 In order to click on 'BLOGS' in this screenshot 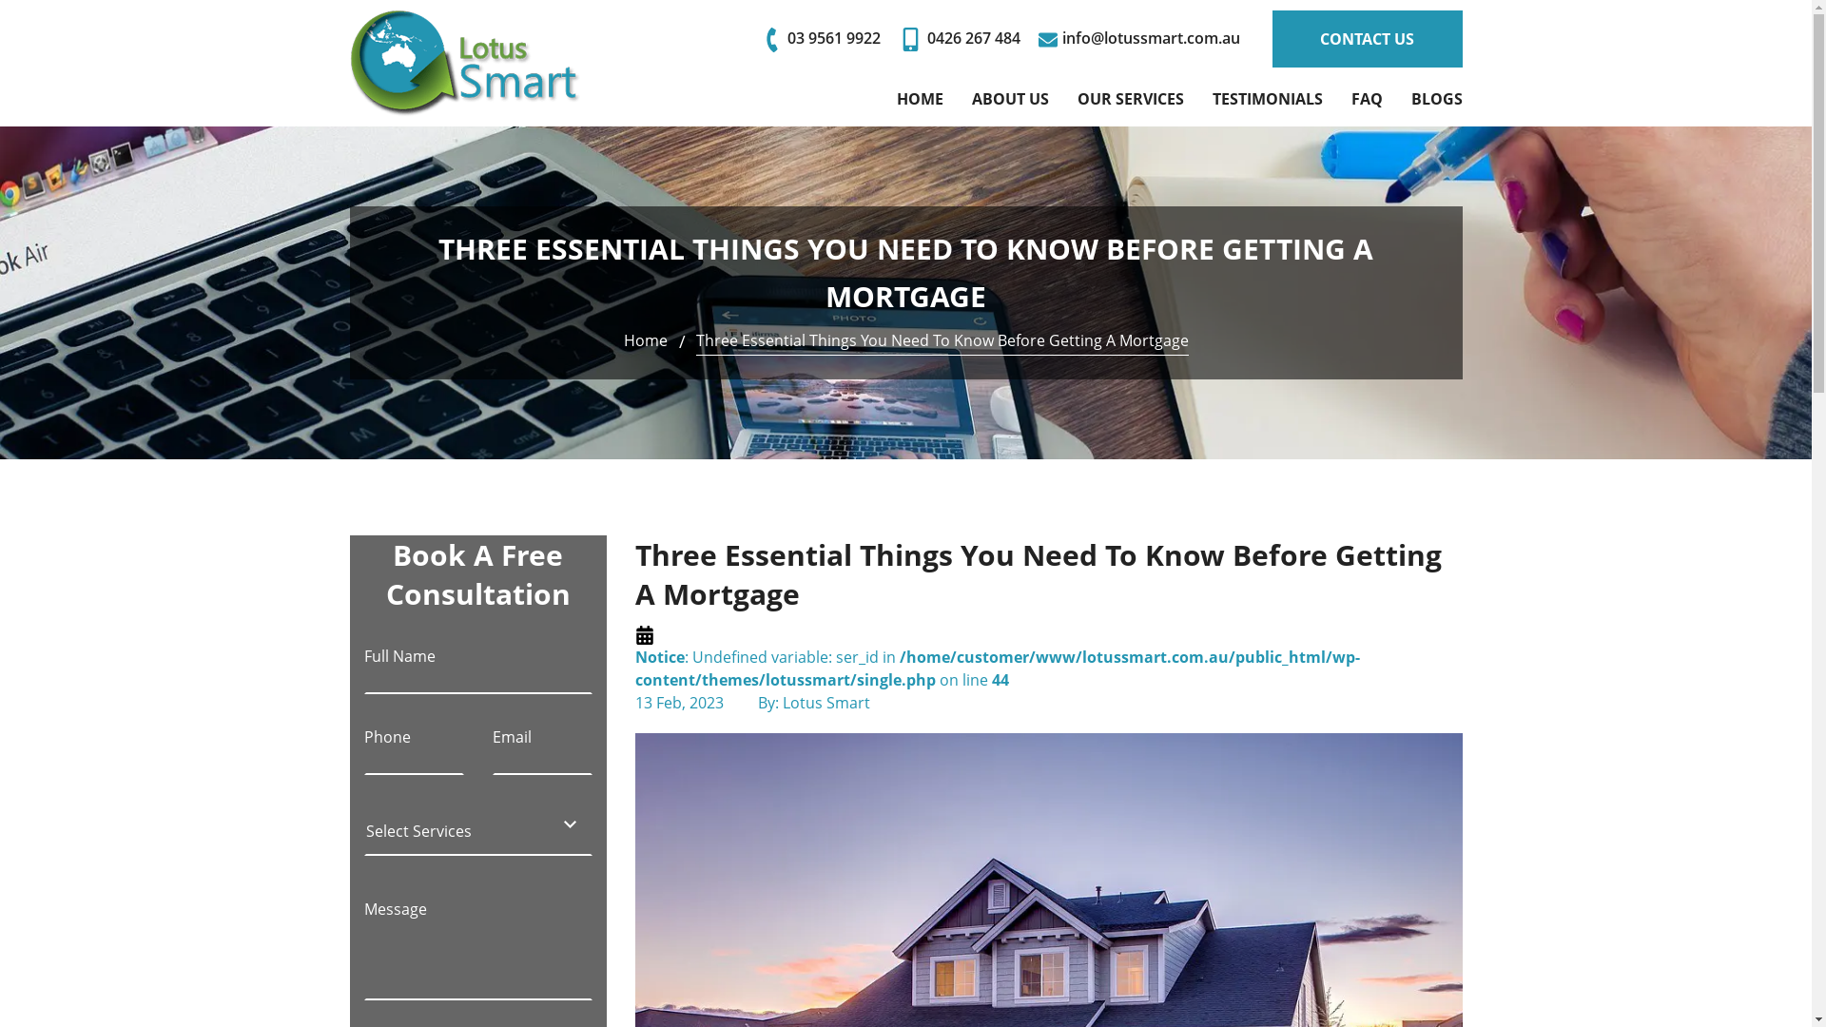, I will do `click(1437, 99)`.